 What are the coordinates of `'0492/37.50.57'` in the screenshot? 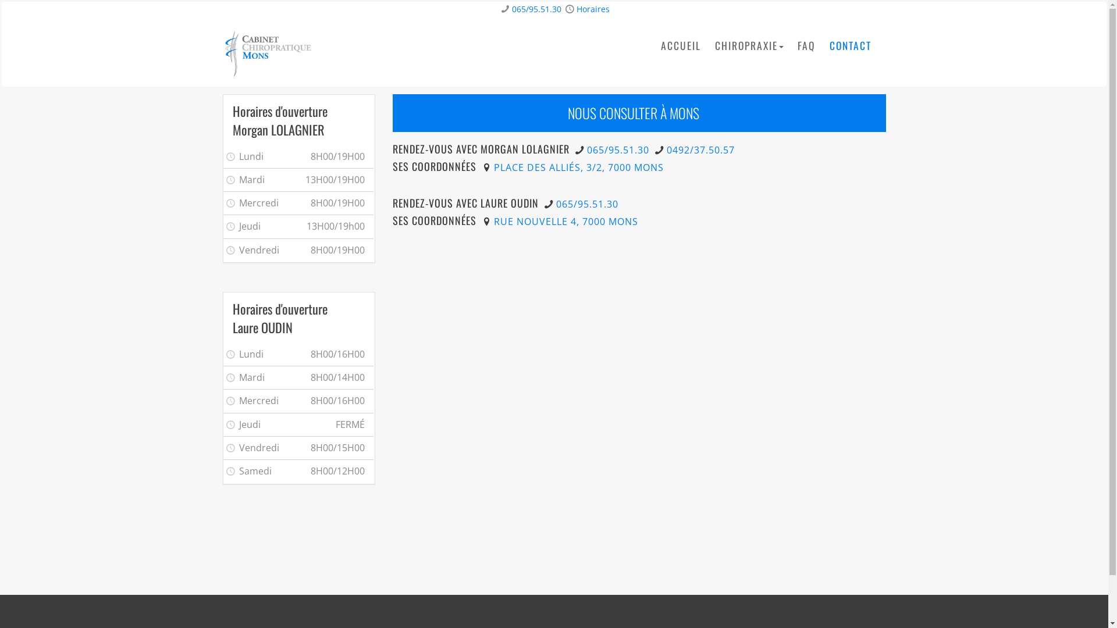 It's located at (667, 149).